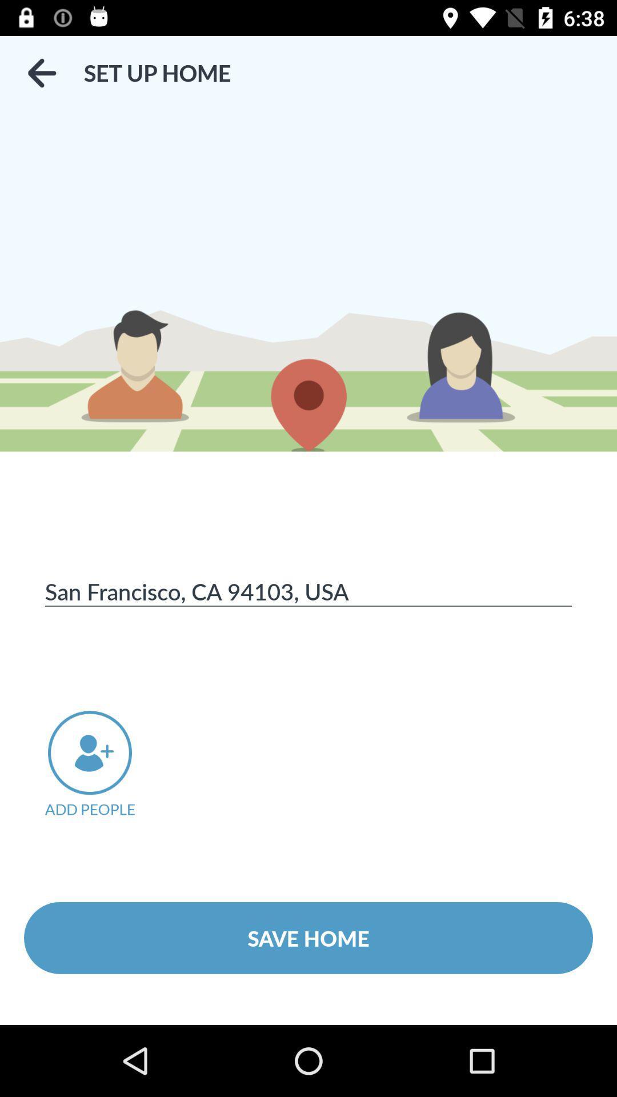 Image resolution: width=617 pixels, height=1097 pixels. What do you see at coordinates (106, 764) in the screenshot?
I see `the icon at the bottom left corner` at bounding box center [106, 764].